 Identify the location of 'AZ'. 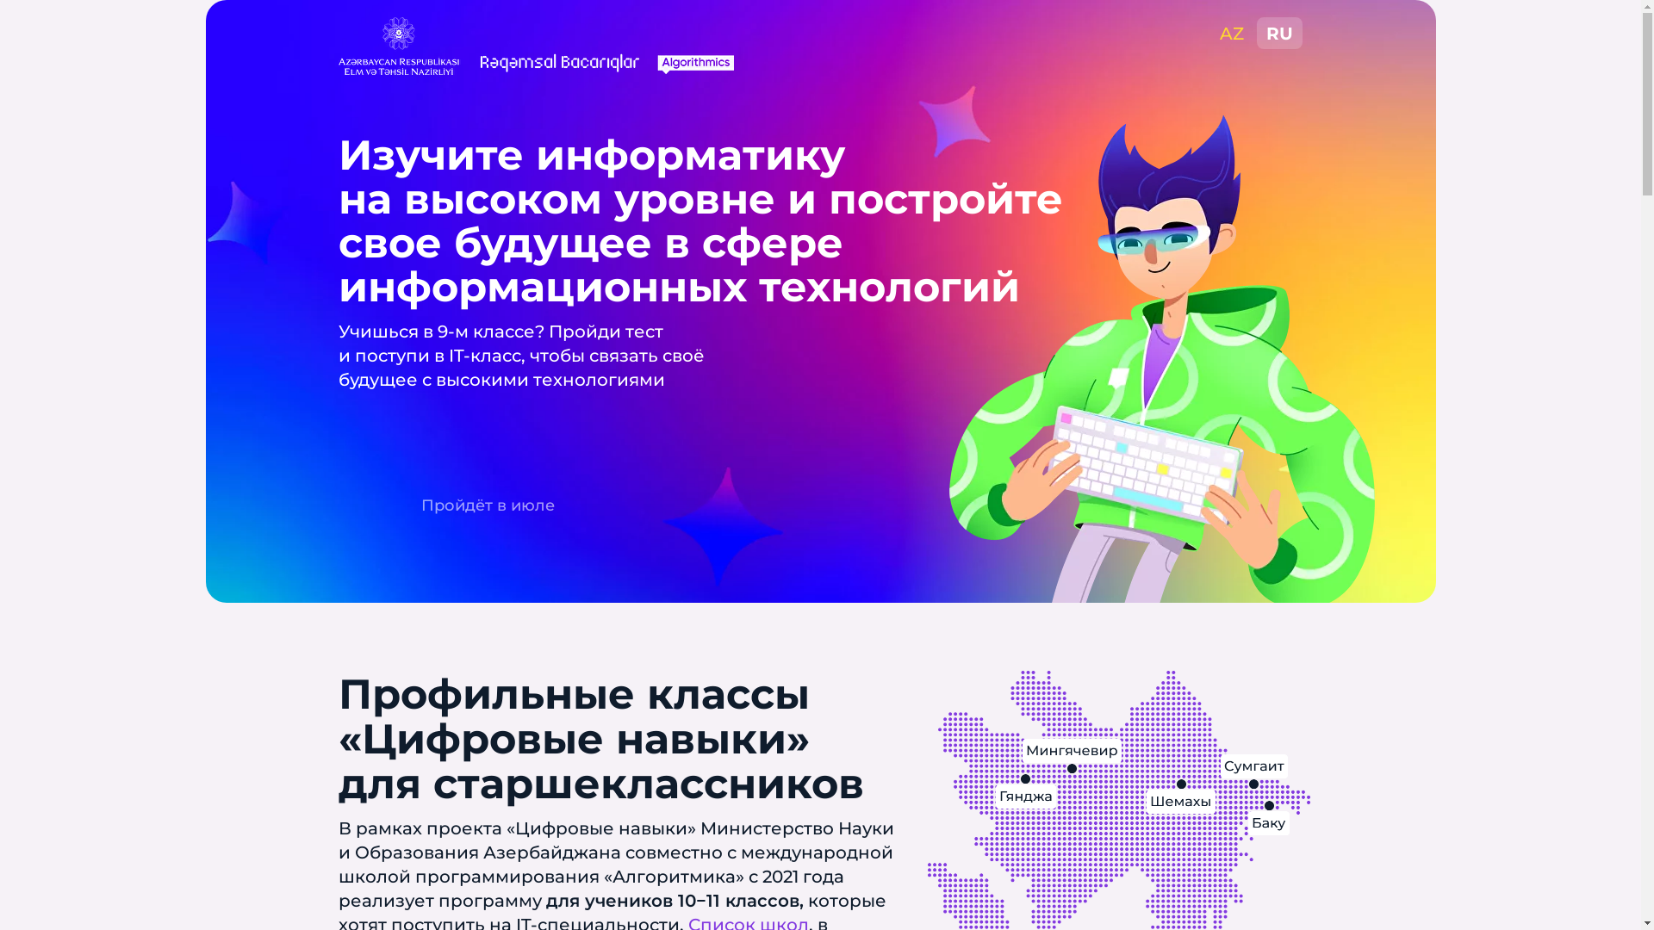
(1231, 33).